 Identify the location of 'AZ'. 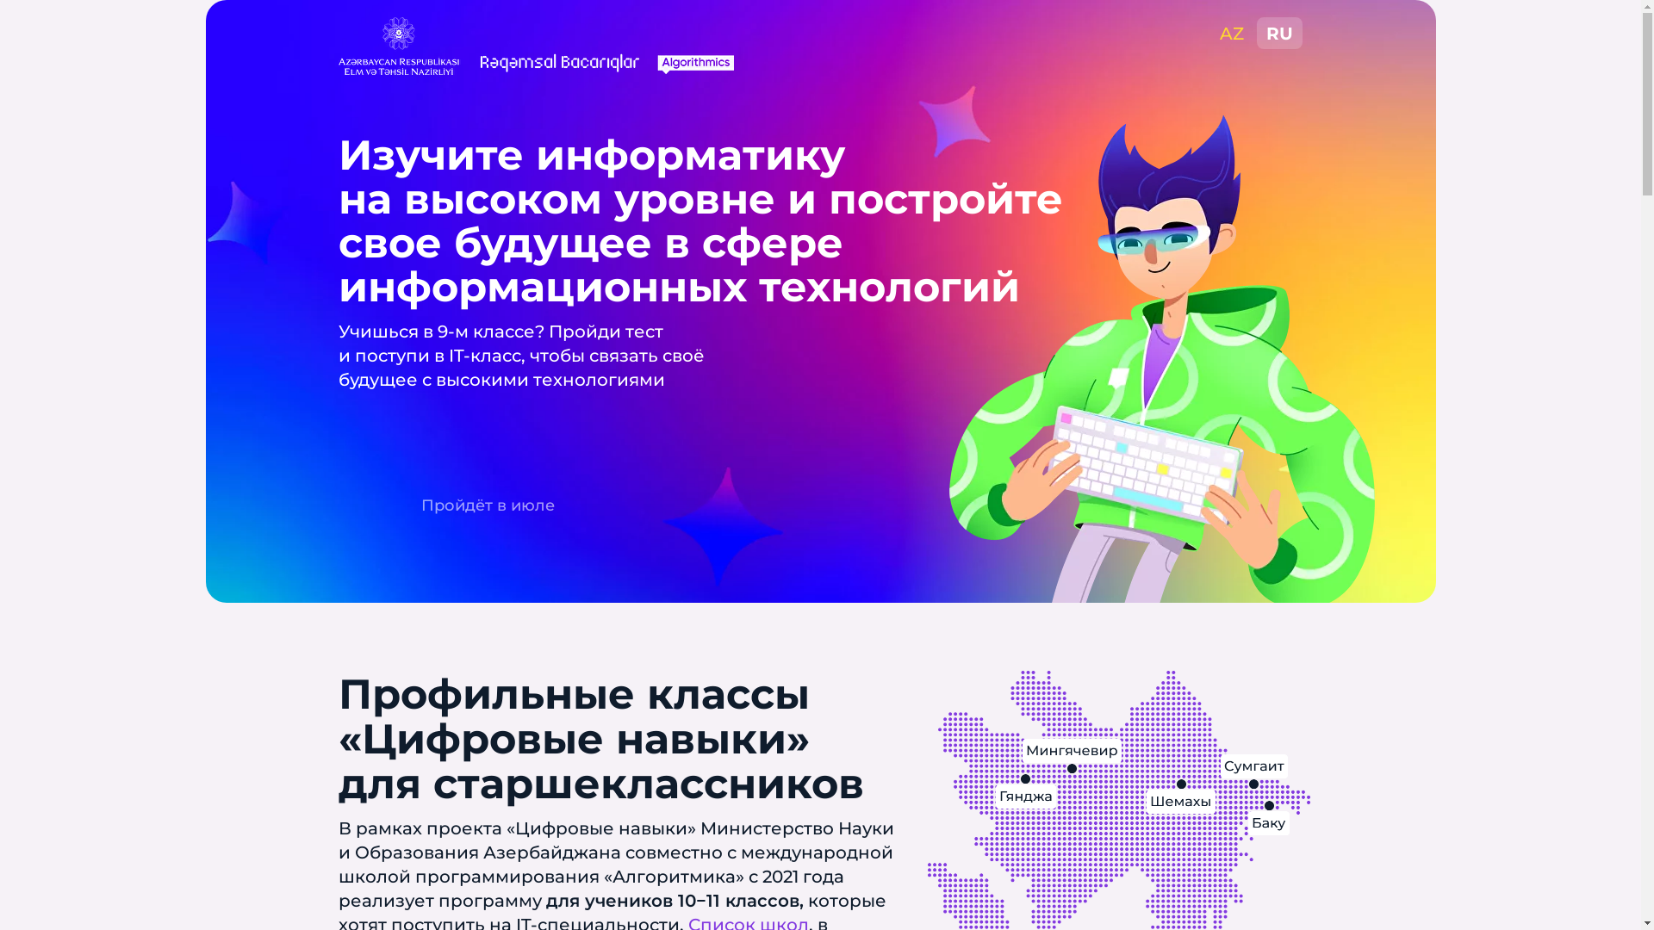
(1231, 33).